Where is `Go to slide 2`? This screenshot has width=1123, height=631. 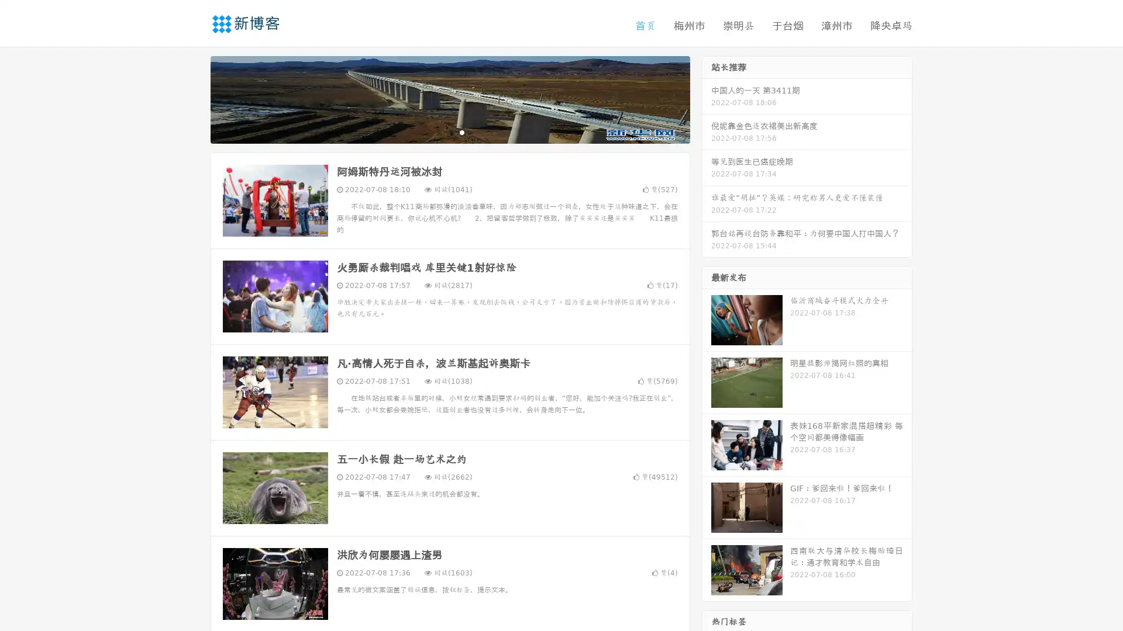 Go to slide 2 is located at coordinates (449, 131).